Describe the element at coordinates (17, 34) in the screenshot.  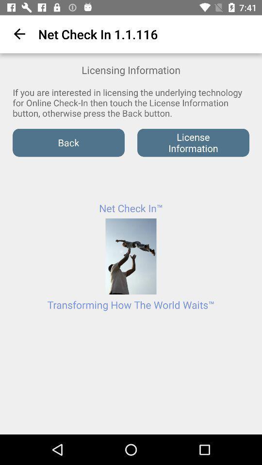
I see `the app next to the net check in icon` at that location.